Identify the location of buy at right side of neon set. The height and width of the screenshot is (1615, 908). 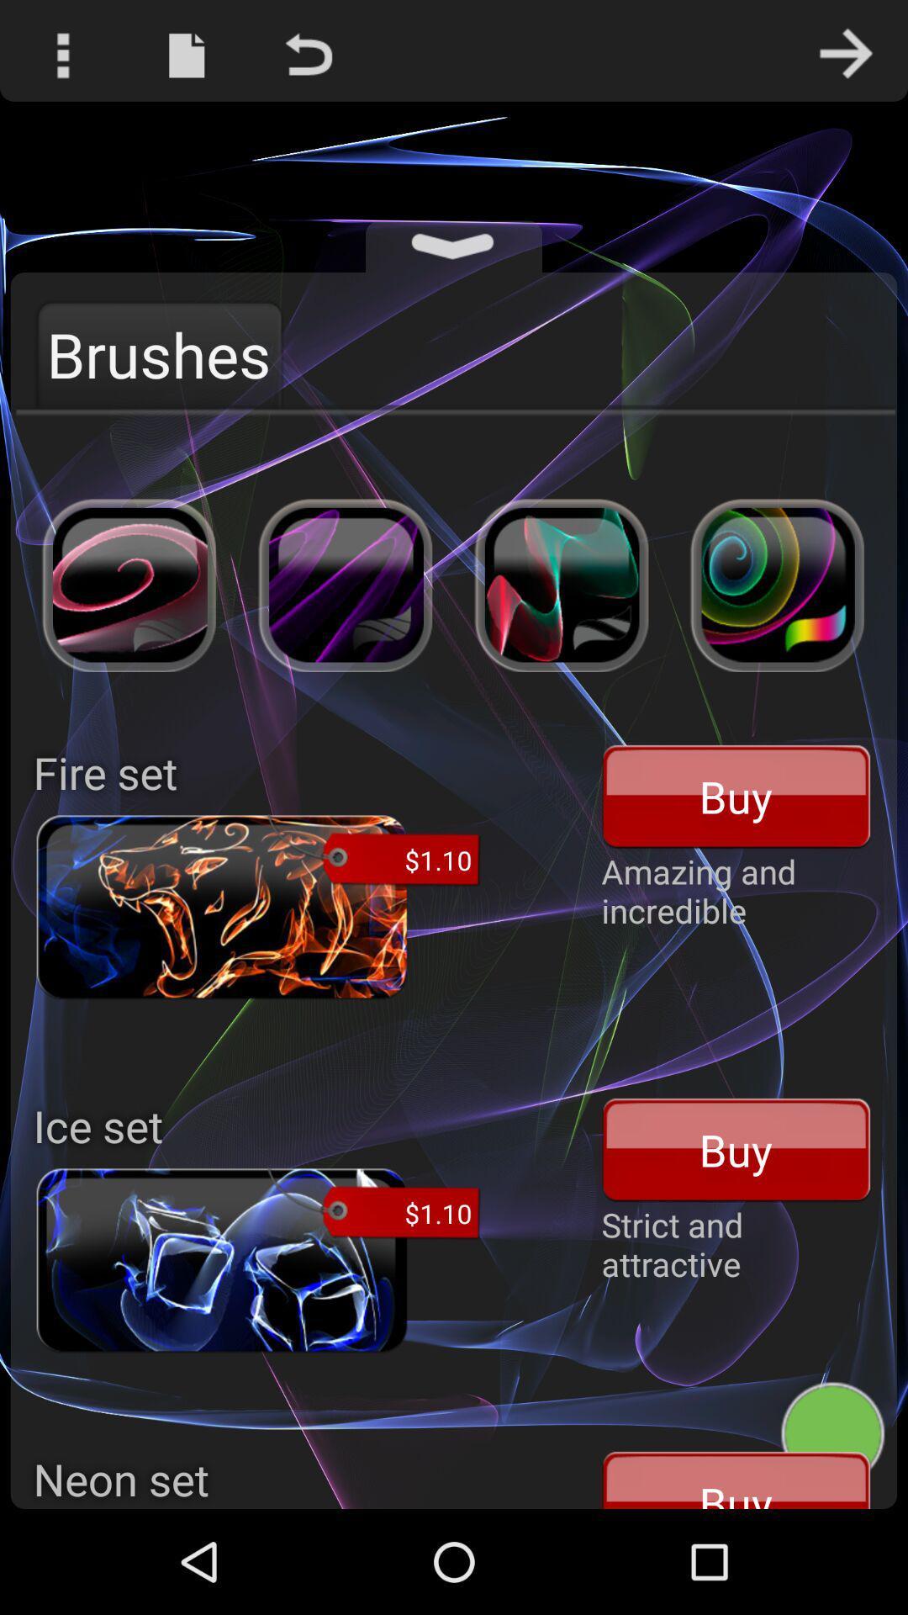
(736, 1478).